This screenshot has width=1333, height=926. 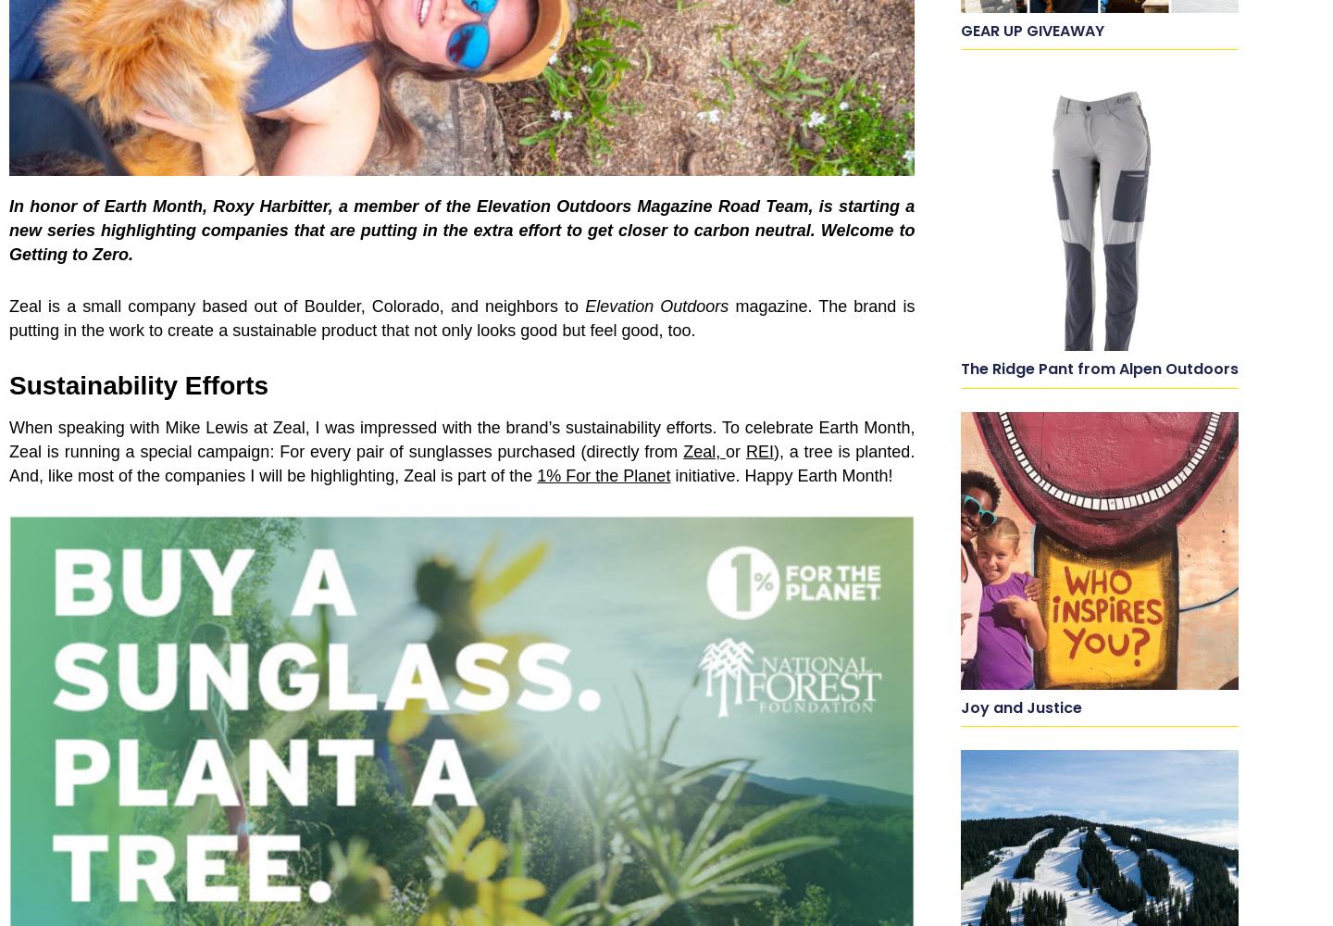 I want to click on 'Zeal,', so click(x=704, y=451).